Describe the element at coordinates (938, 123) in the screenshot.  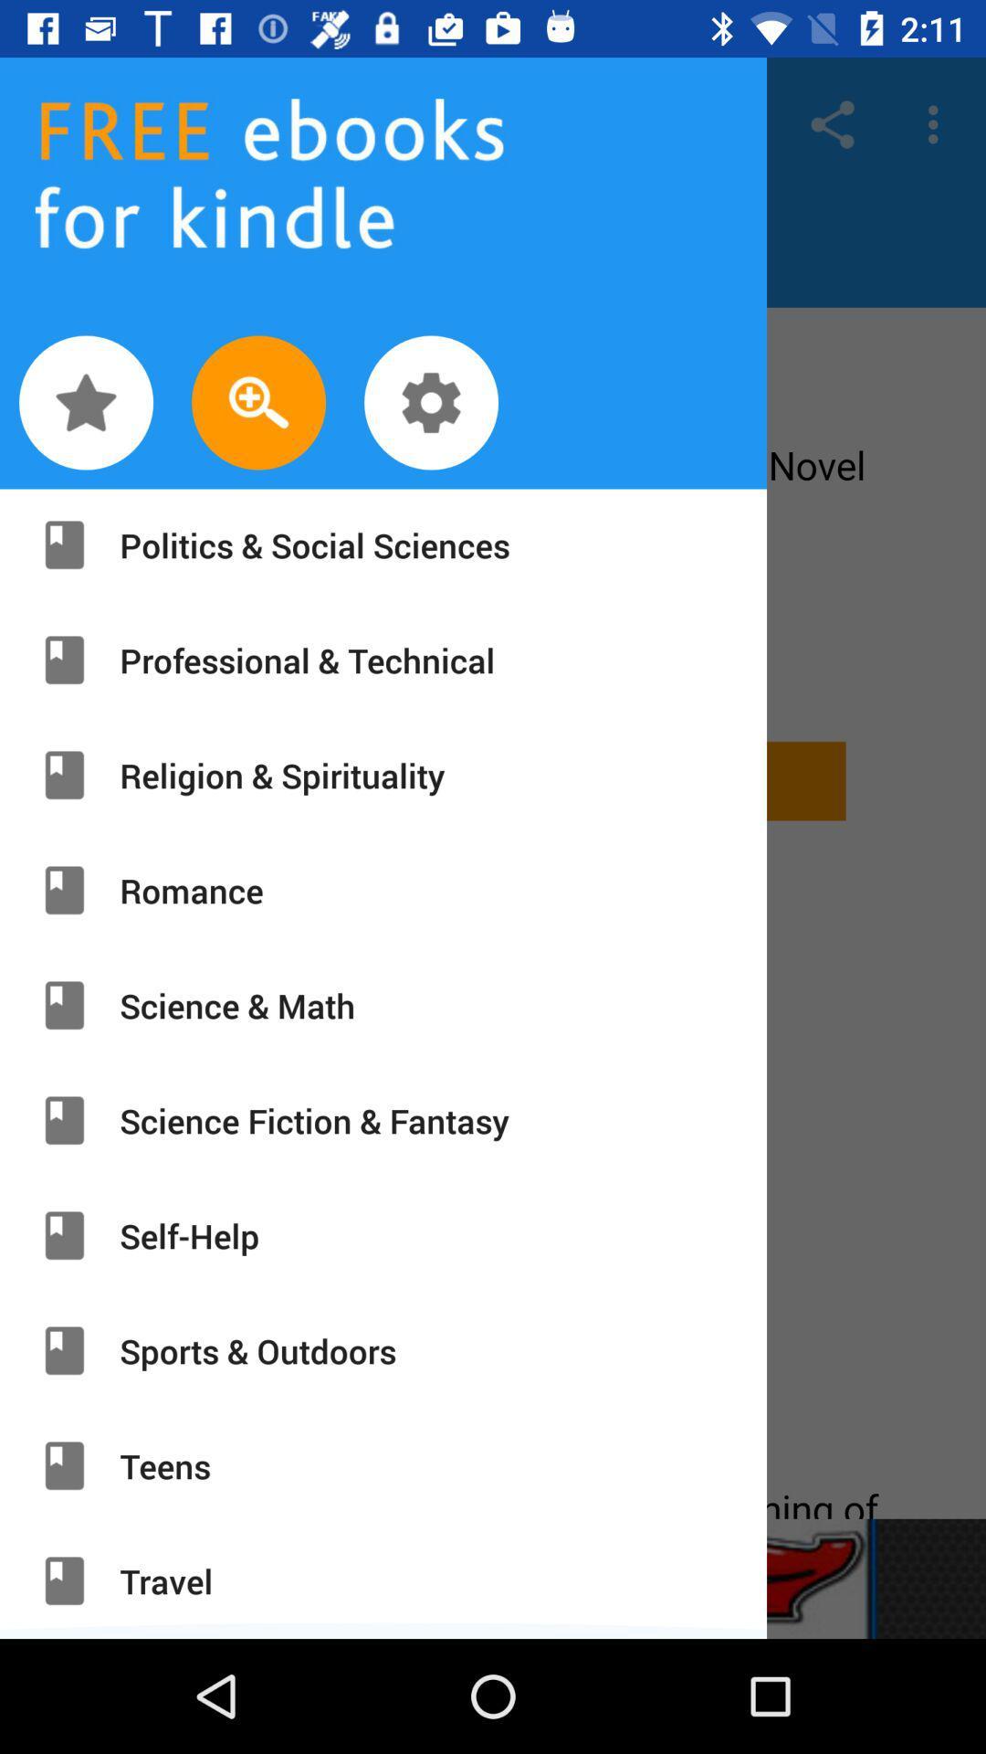
I see `the more icon` at that location.